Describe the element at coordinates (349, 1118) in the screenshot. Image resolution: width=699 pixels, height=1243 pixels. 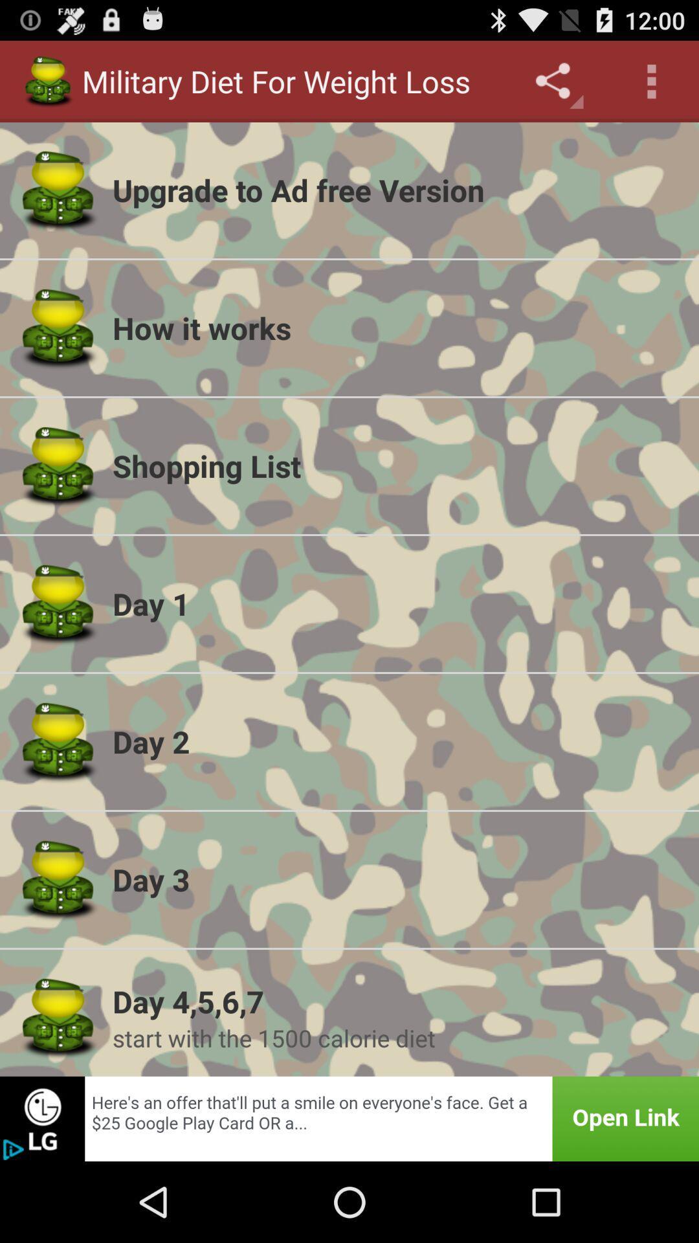
I see `this image was advertisement` at that location.